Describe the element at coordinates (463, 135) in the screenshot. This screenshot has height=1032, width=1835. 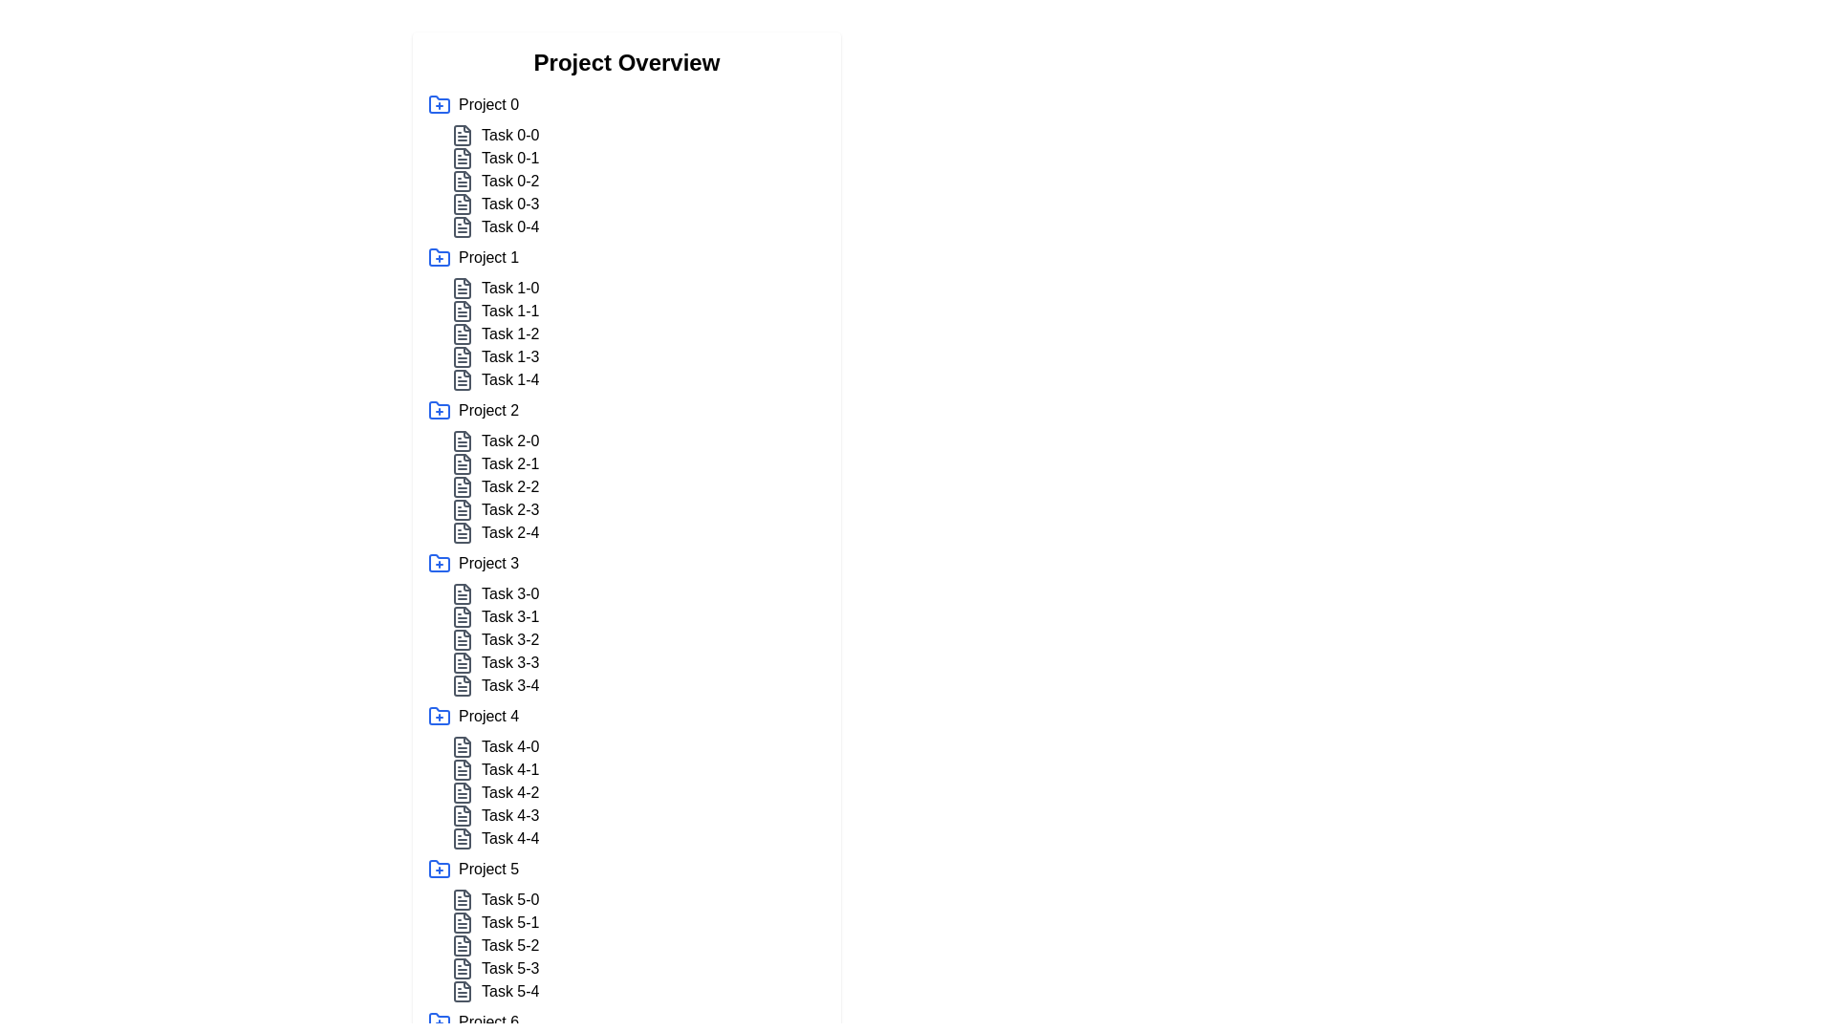
I see `the icon representing 'Task 0-0'` at that location.